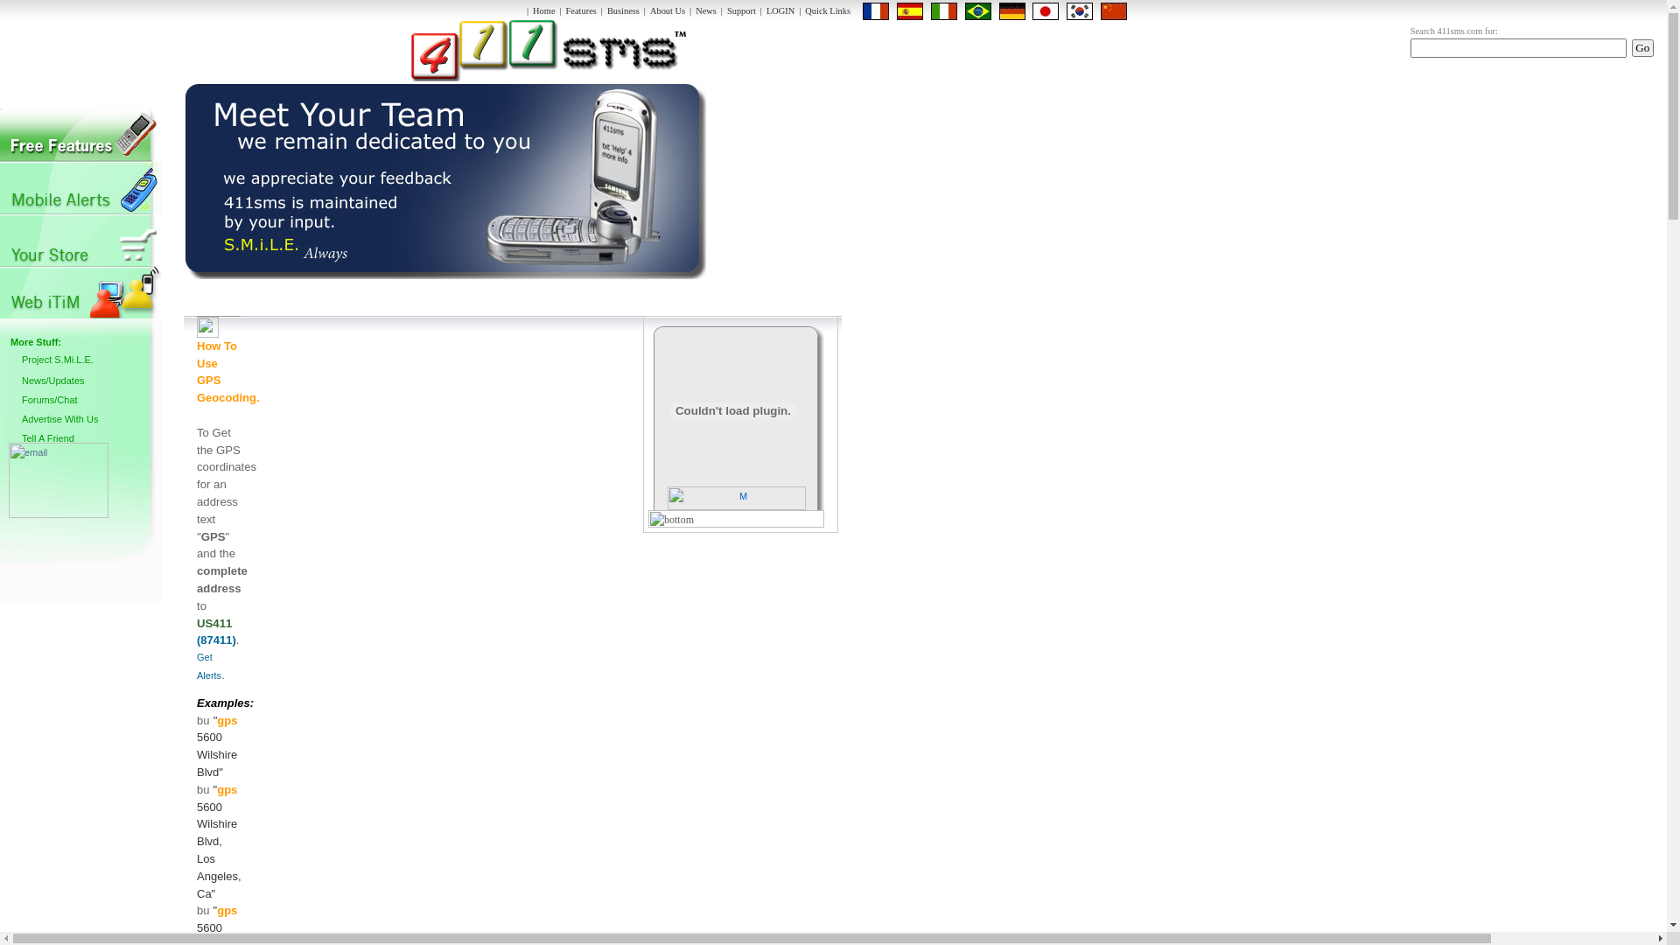 This screenshot has height=945, width=1680. What do you see at coordinates (91, 438) in the screenshot?
I see `'Tell A Friend'` at bounding box center [91, 438].